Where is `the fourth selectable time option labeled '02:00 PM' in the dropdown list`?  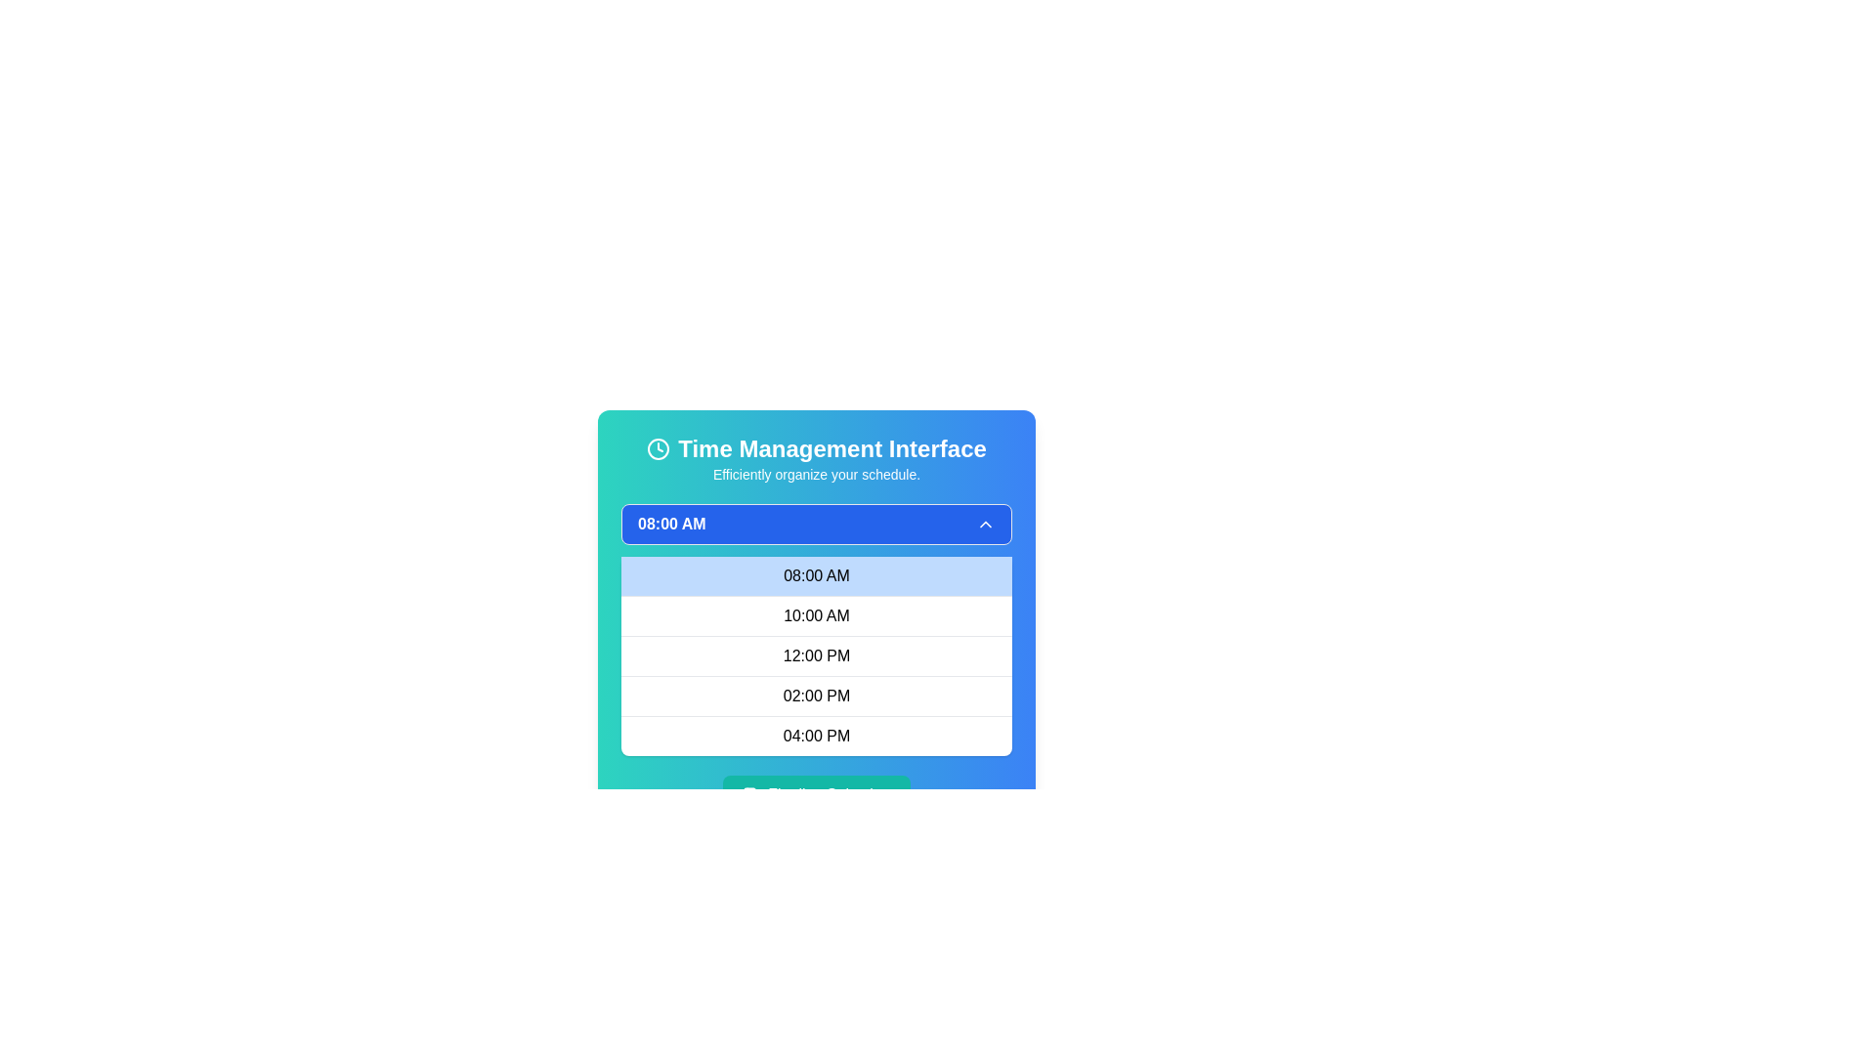
the fourth selectable time option labeled '02:00 PM' in the dropdown list is located at coordinates (816, 695).